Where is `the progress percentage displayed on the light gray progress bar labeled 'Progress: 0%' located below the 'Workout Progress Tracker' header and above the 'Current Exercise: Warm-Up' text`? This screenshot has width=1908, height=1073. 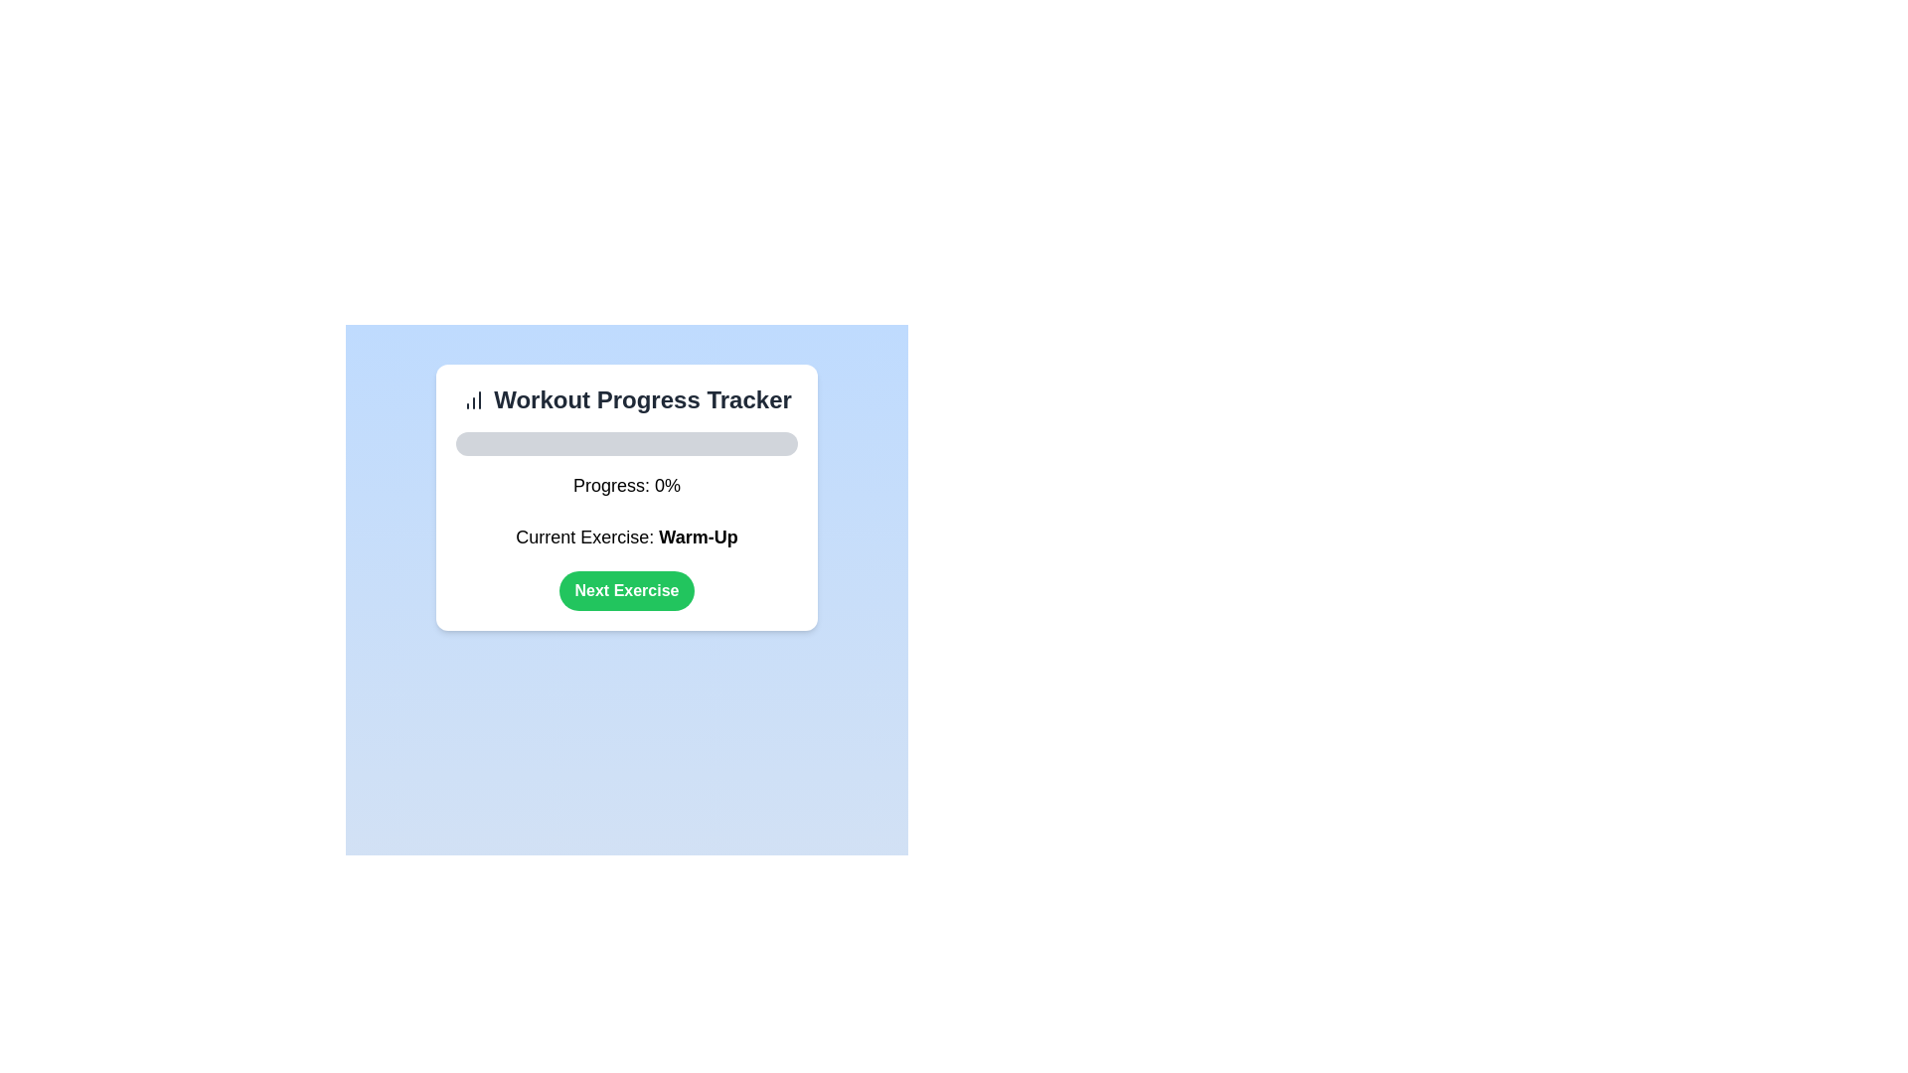 the progress percentage displayed on the light gray progress bar labeled 'Progress: 0%' located below the 'Workout Progress Tracker' header and above the 'Current Exercise: Warm-Up' text is located at coordinates (625, 466).